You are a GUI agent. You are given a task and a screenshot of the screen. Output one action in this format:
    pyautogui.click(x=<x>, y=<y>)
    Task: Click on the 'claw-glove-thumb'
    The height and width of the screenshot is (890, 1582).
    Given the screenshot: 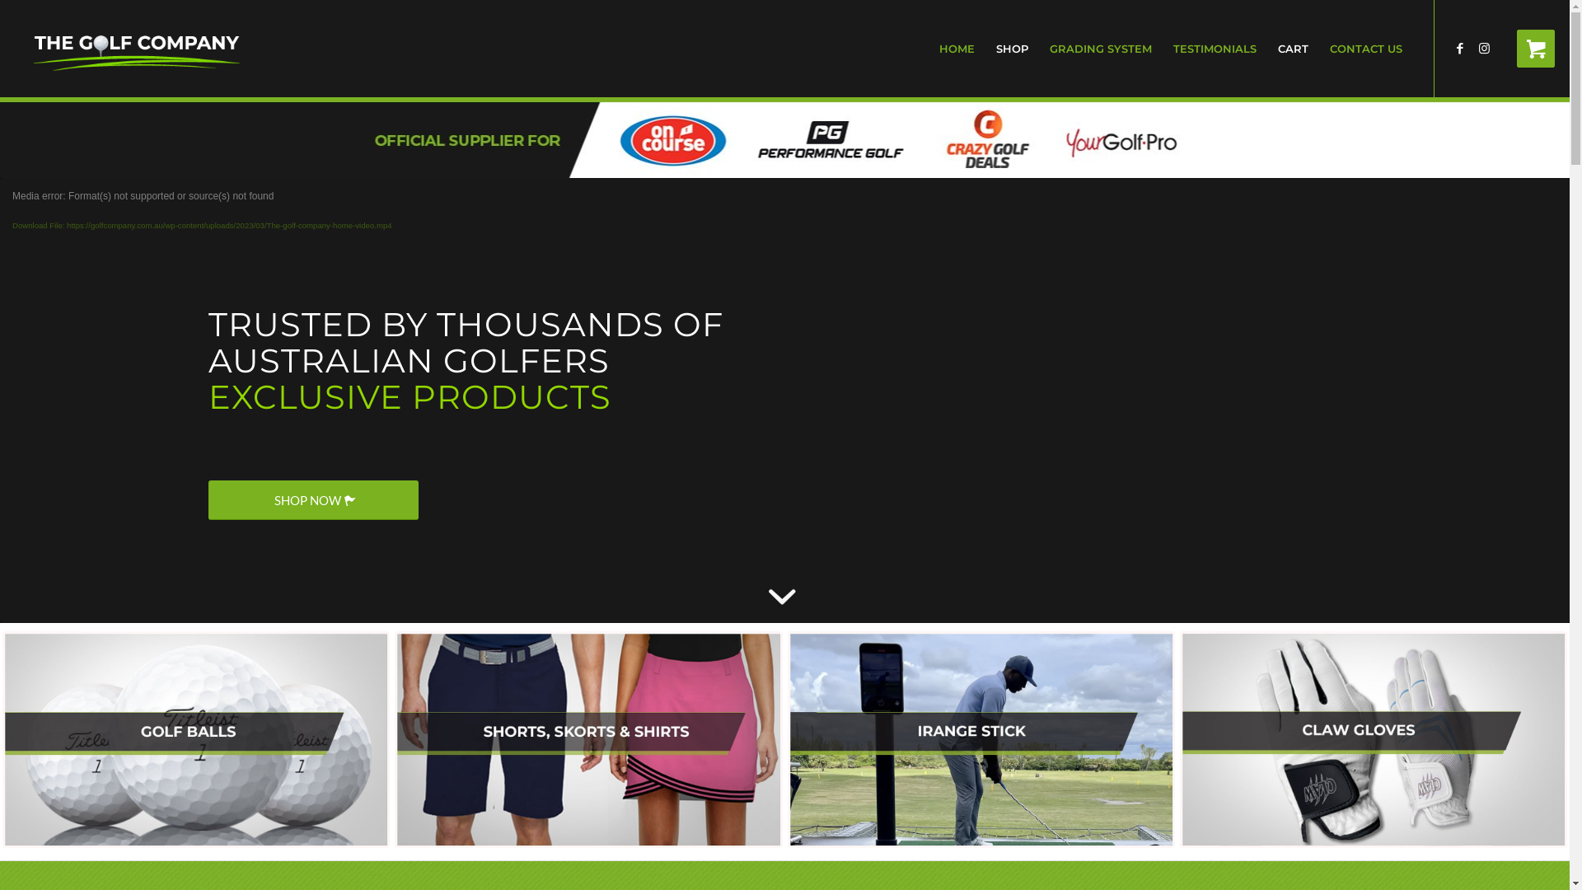 What is the action you would take?
    pyautogui.click(x=1373, y=738)
    